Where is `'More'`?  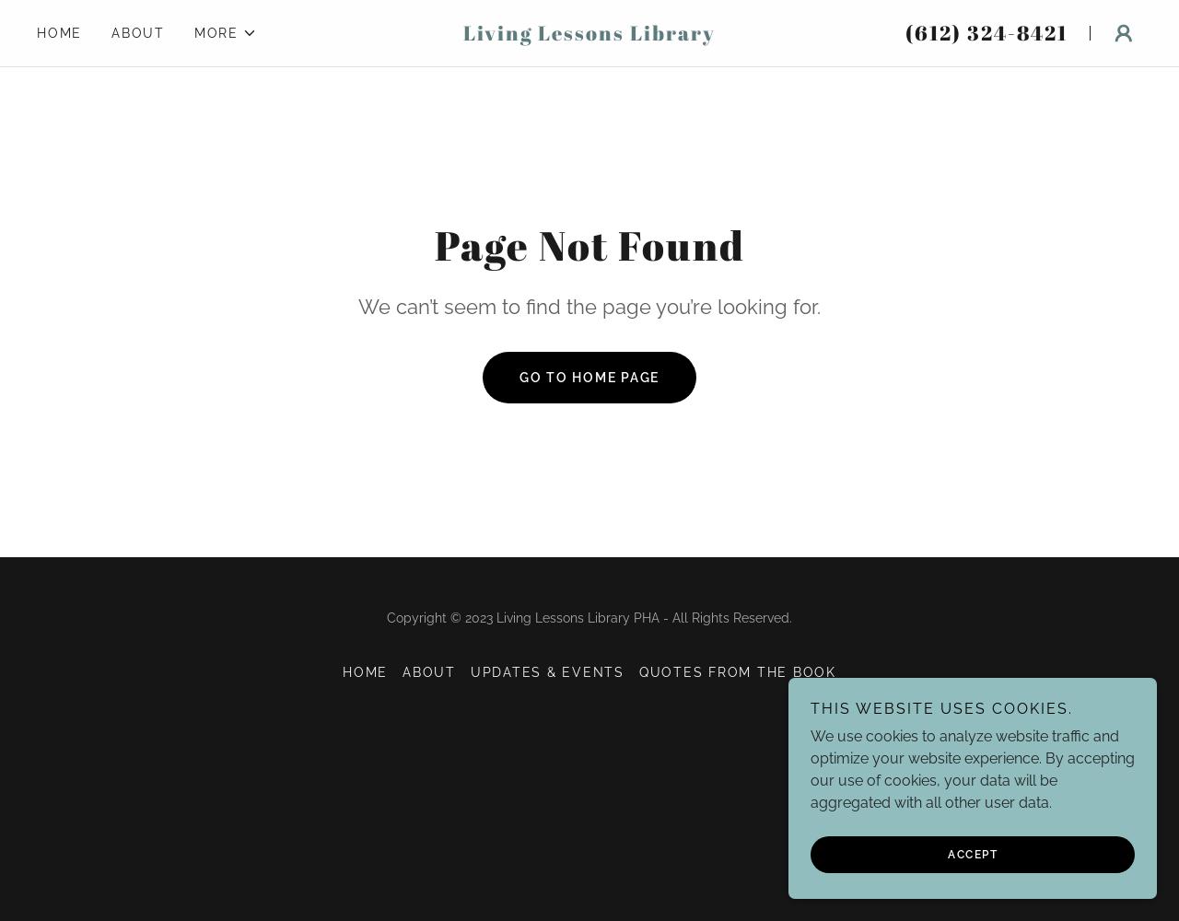
'More' is located at coordinates (193, 33).